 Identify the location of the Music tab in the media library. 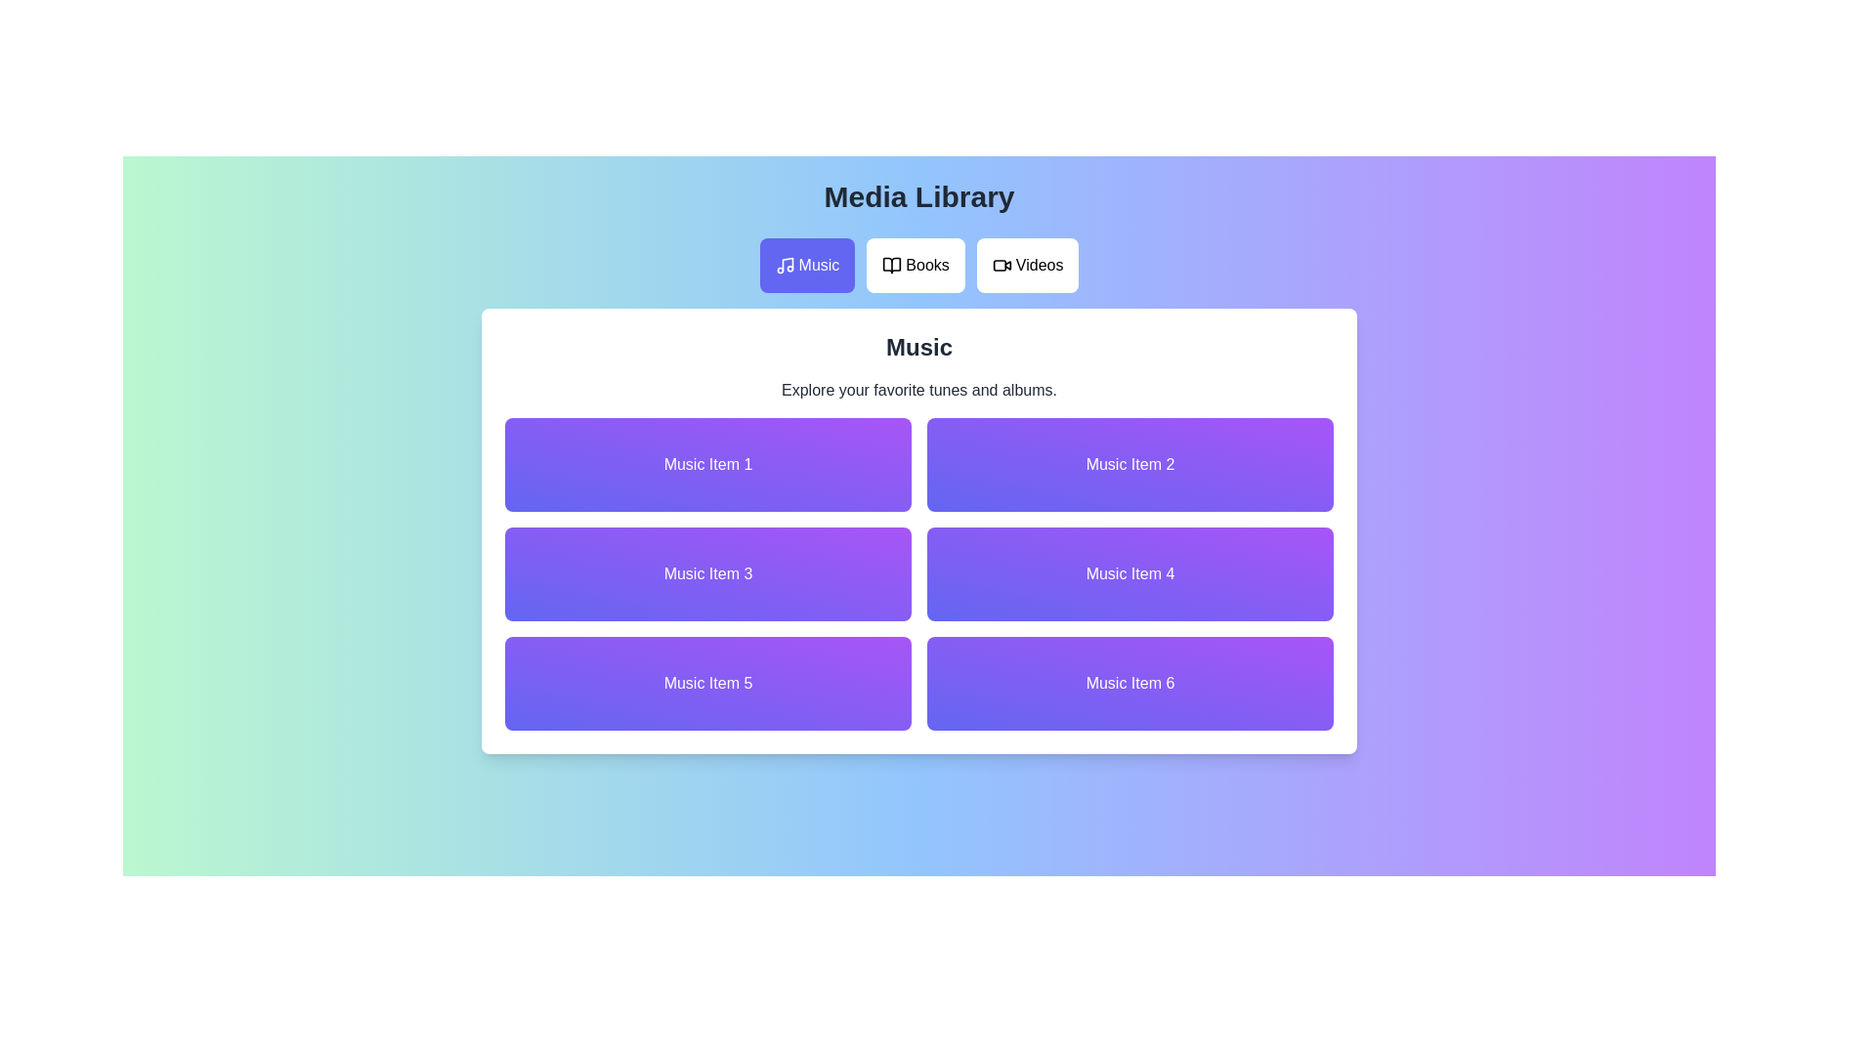
(806, 266).